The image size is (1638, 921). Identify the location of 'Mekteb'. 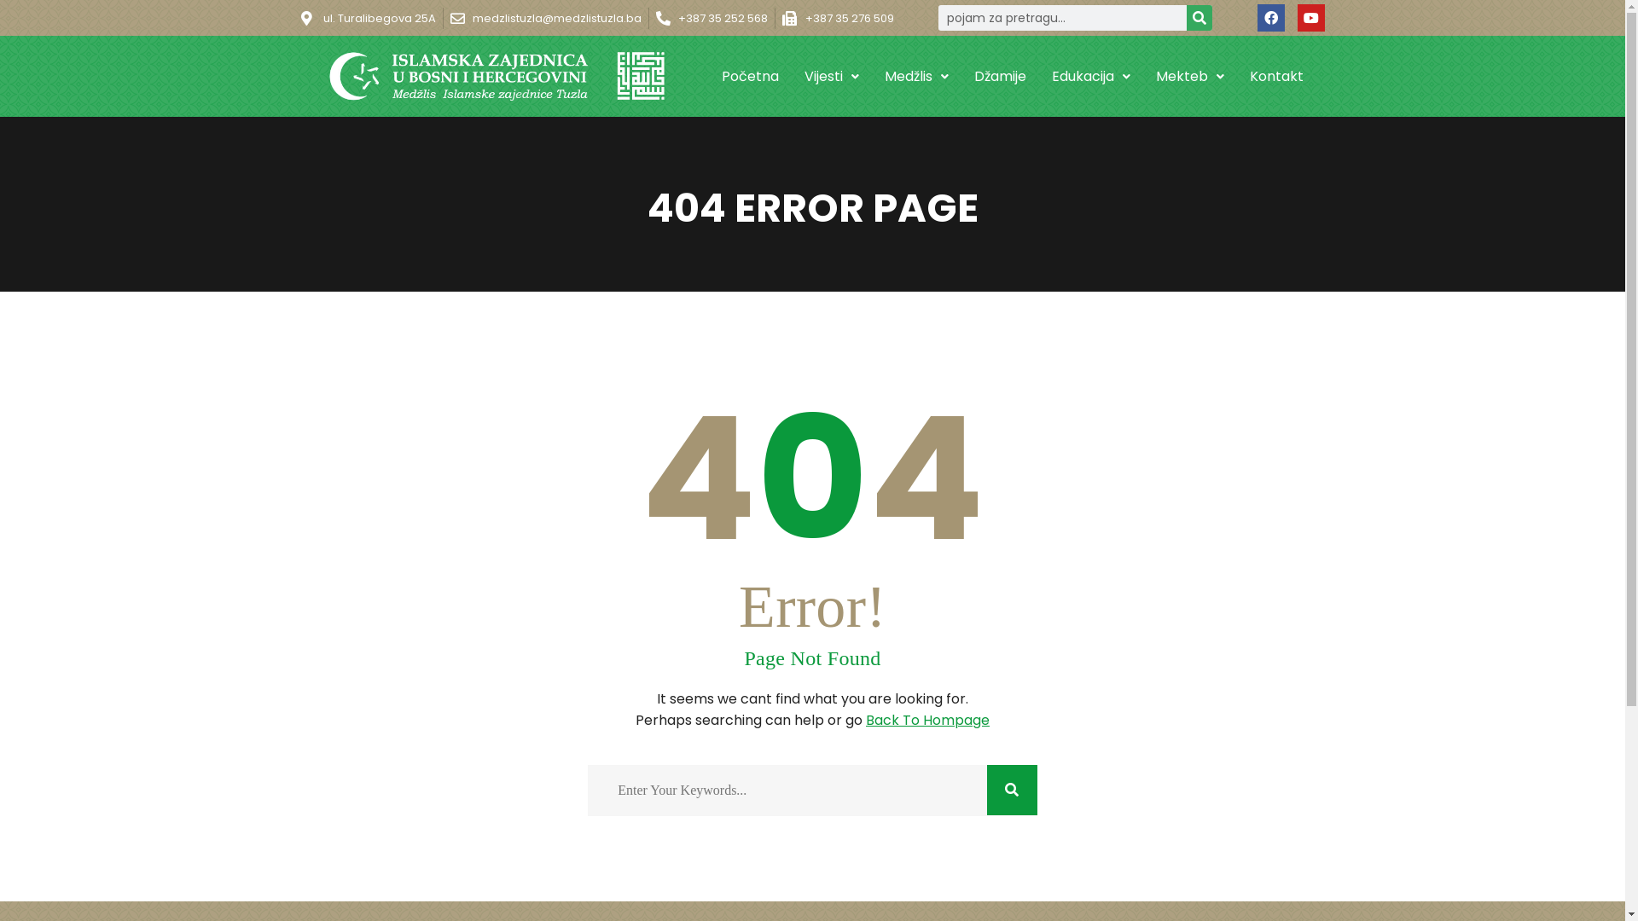
(1189, 74).